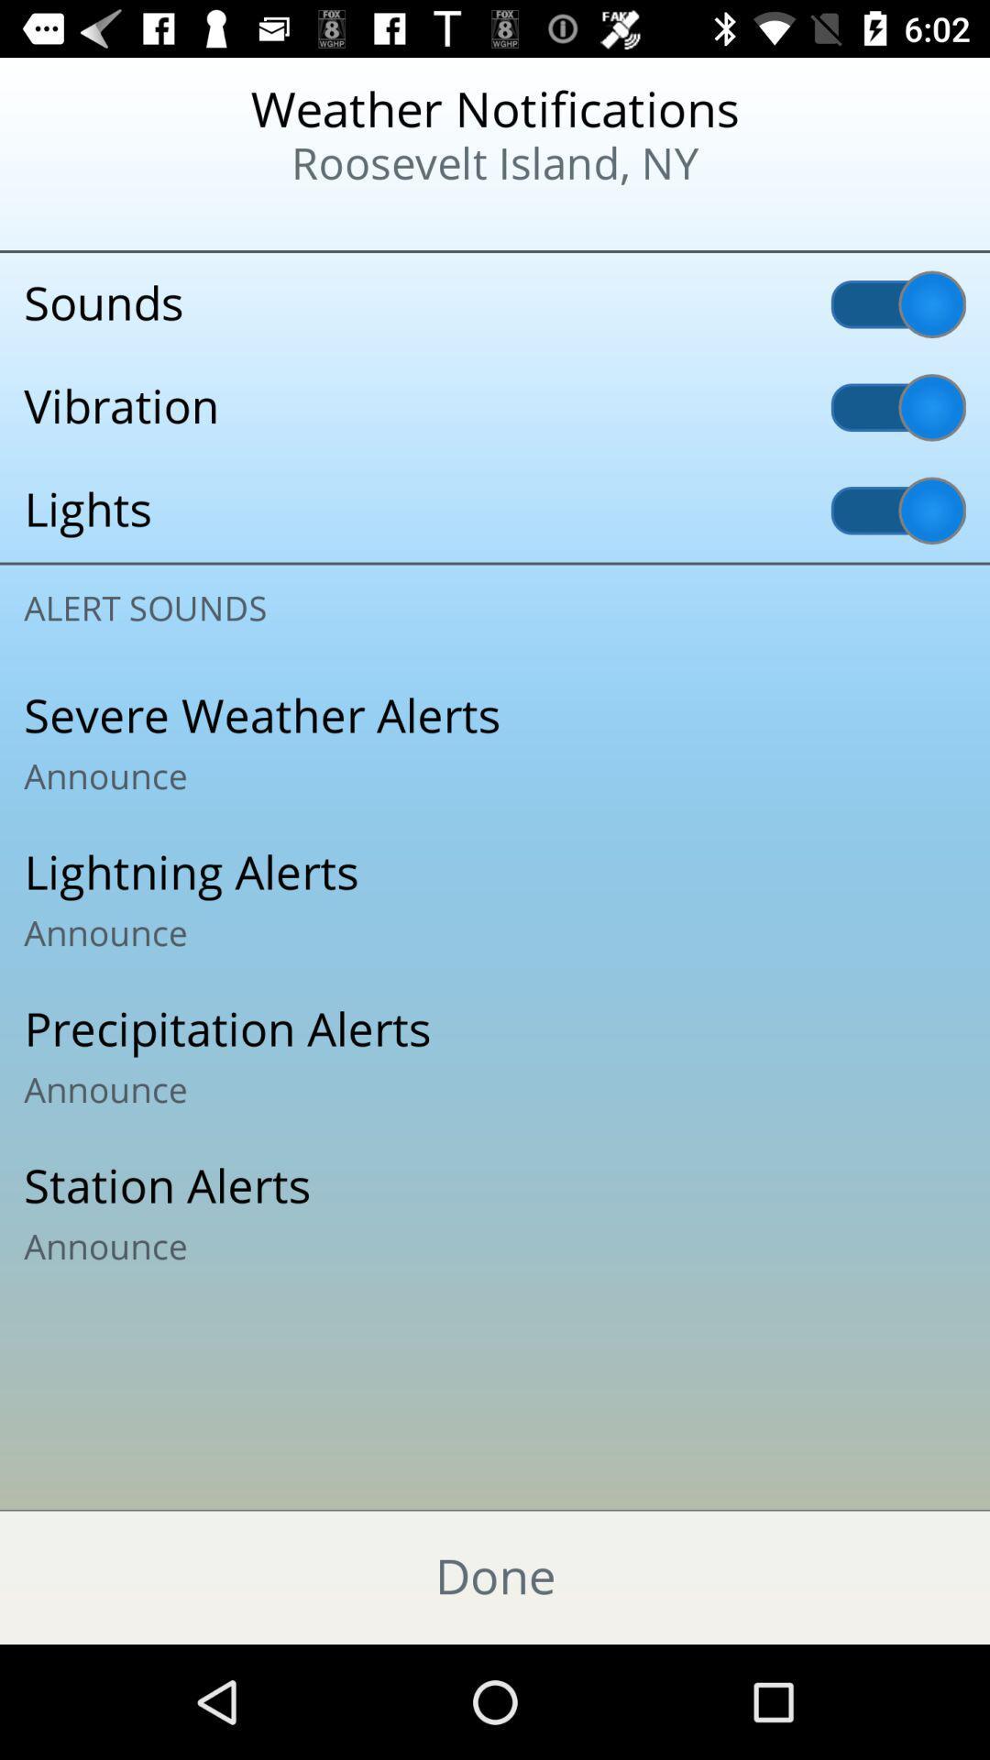 The width and height of the screenshot is (990, 1760). I want to click on the vibration, so click(495, 406).